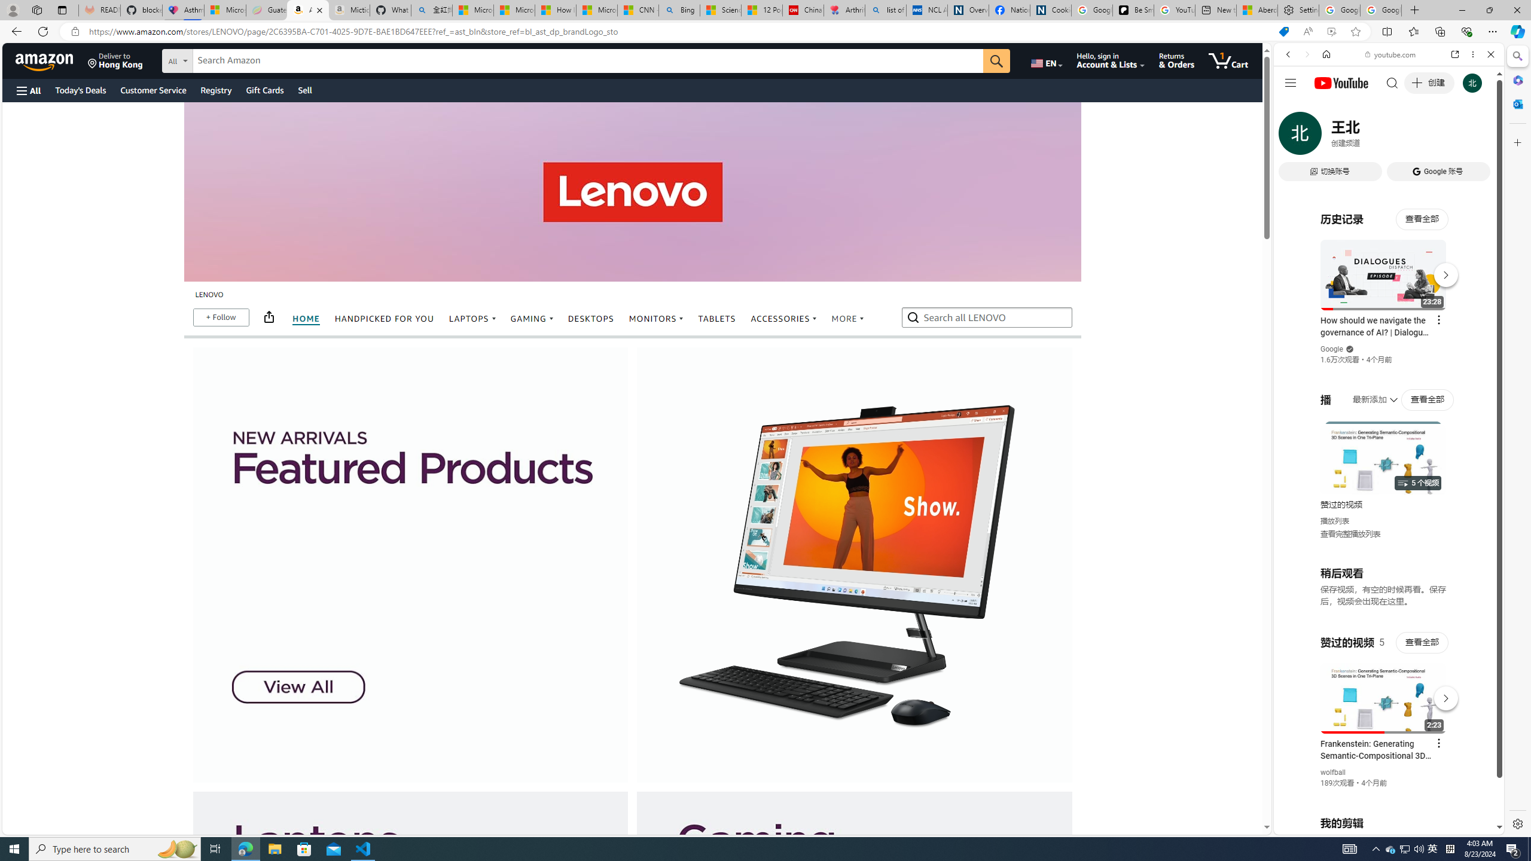 The height and width of the screenshot is (861, 1531). What do you see at coordinates (471, 318) in the screenshot?
I see `'LAPTOPS'` at bounding box center [471, 318].